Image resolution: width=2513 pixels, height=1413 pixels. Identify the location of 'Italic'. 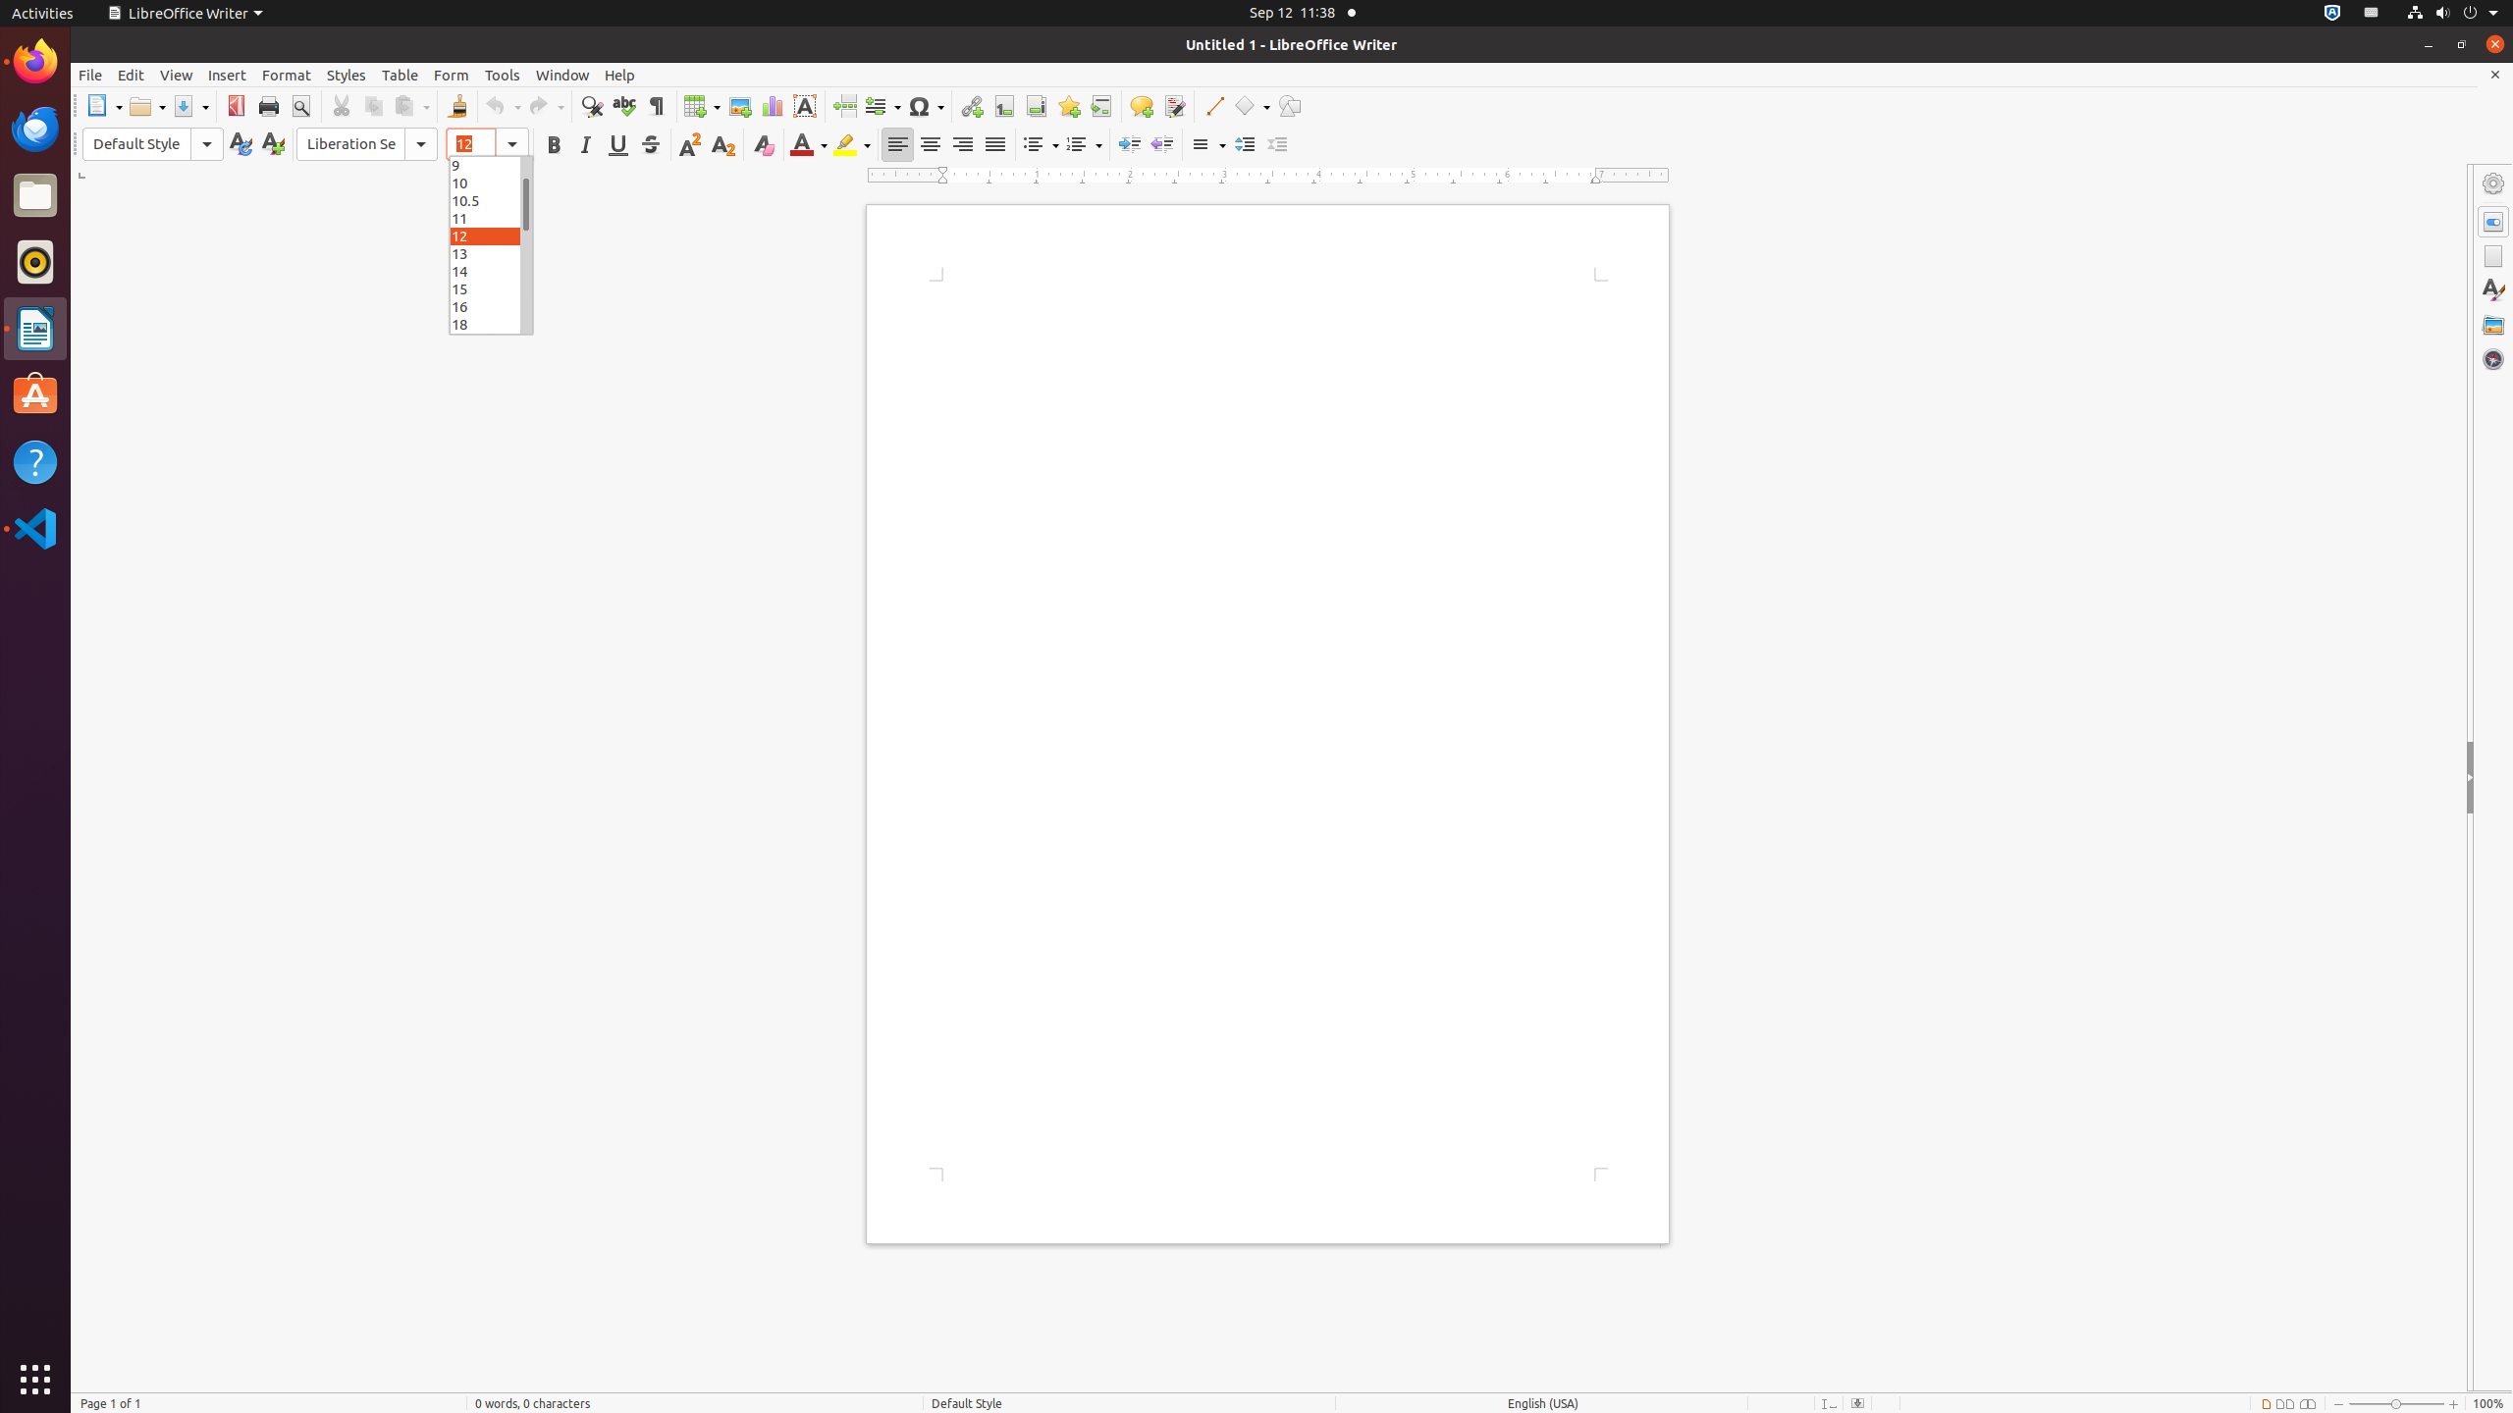
(584, 143).